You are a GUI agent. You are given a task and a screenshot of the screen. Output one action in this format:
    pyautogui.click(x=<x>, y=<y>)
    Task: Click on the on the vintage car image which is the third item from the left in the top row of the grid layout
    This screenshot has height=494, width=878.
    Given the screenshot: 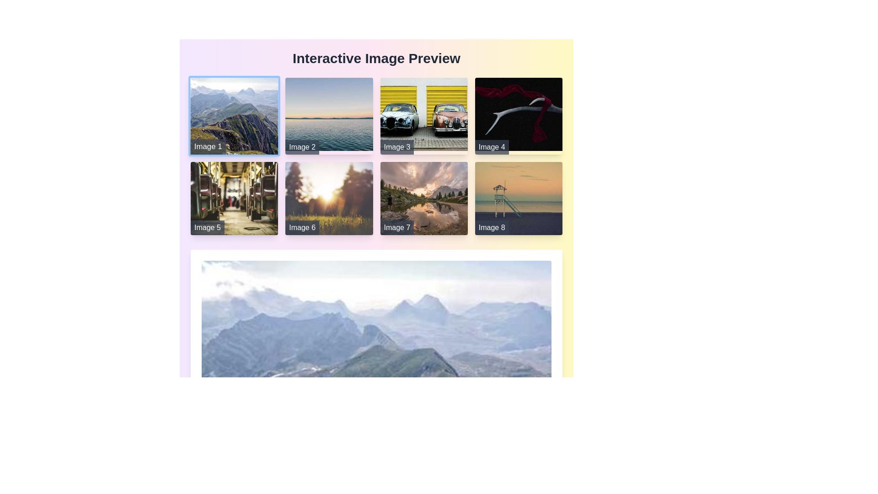 What is the action you would take?
    pyautogui.click(x=423, y=114)
    